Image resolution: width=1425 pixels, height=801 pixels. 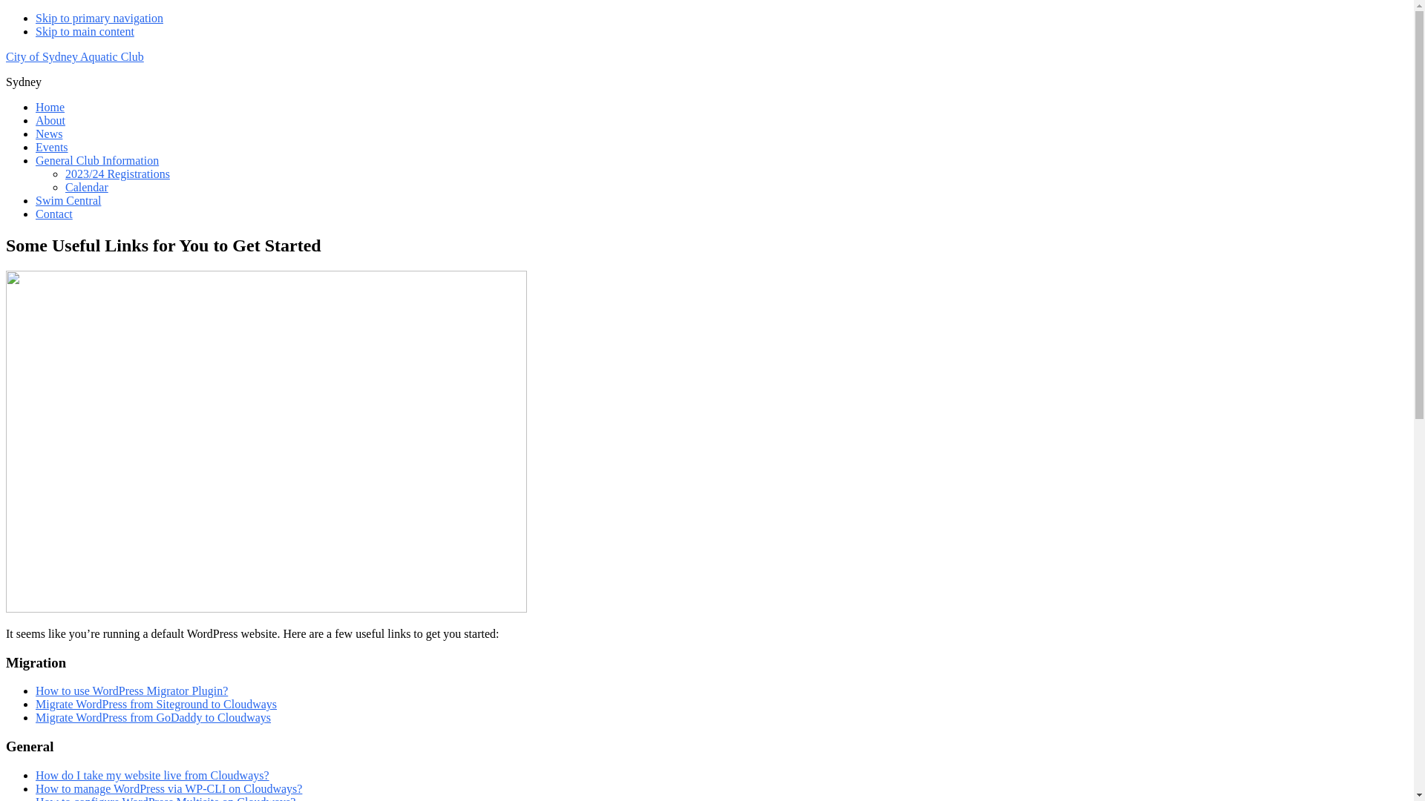 What do you see at coordinates (36, 690) in the screenshot?
I see `'How to use WordPress Migrator Plugin?'` at bounding box center [36, 690].